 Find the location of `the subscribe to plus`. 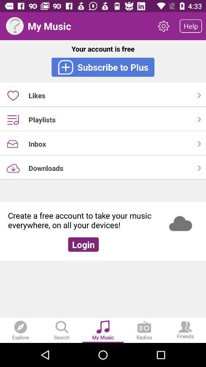

the subscribe to plus is located at coordinates (103, 67).